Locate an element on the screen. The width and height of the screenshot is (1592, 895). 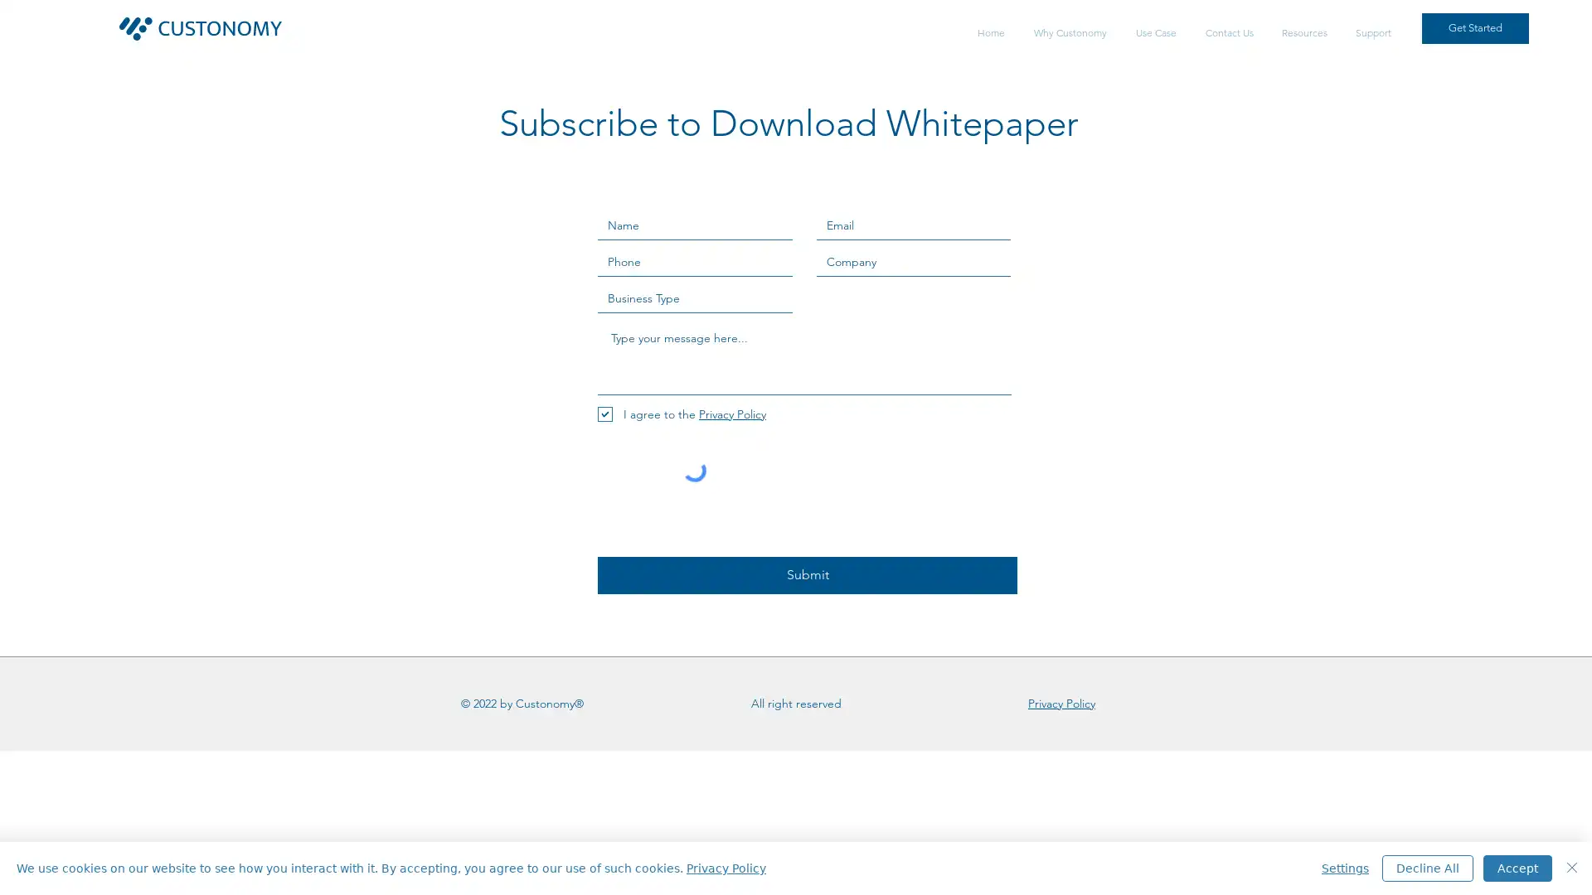
Close is located at coordinates (1571, 868).